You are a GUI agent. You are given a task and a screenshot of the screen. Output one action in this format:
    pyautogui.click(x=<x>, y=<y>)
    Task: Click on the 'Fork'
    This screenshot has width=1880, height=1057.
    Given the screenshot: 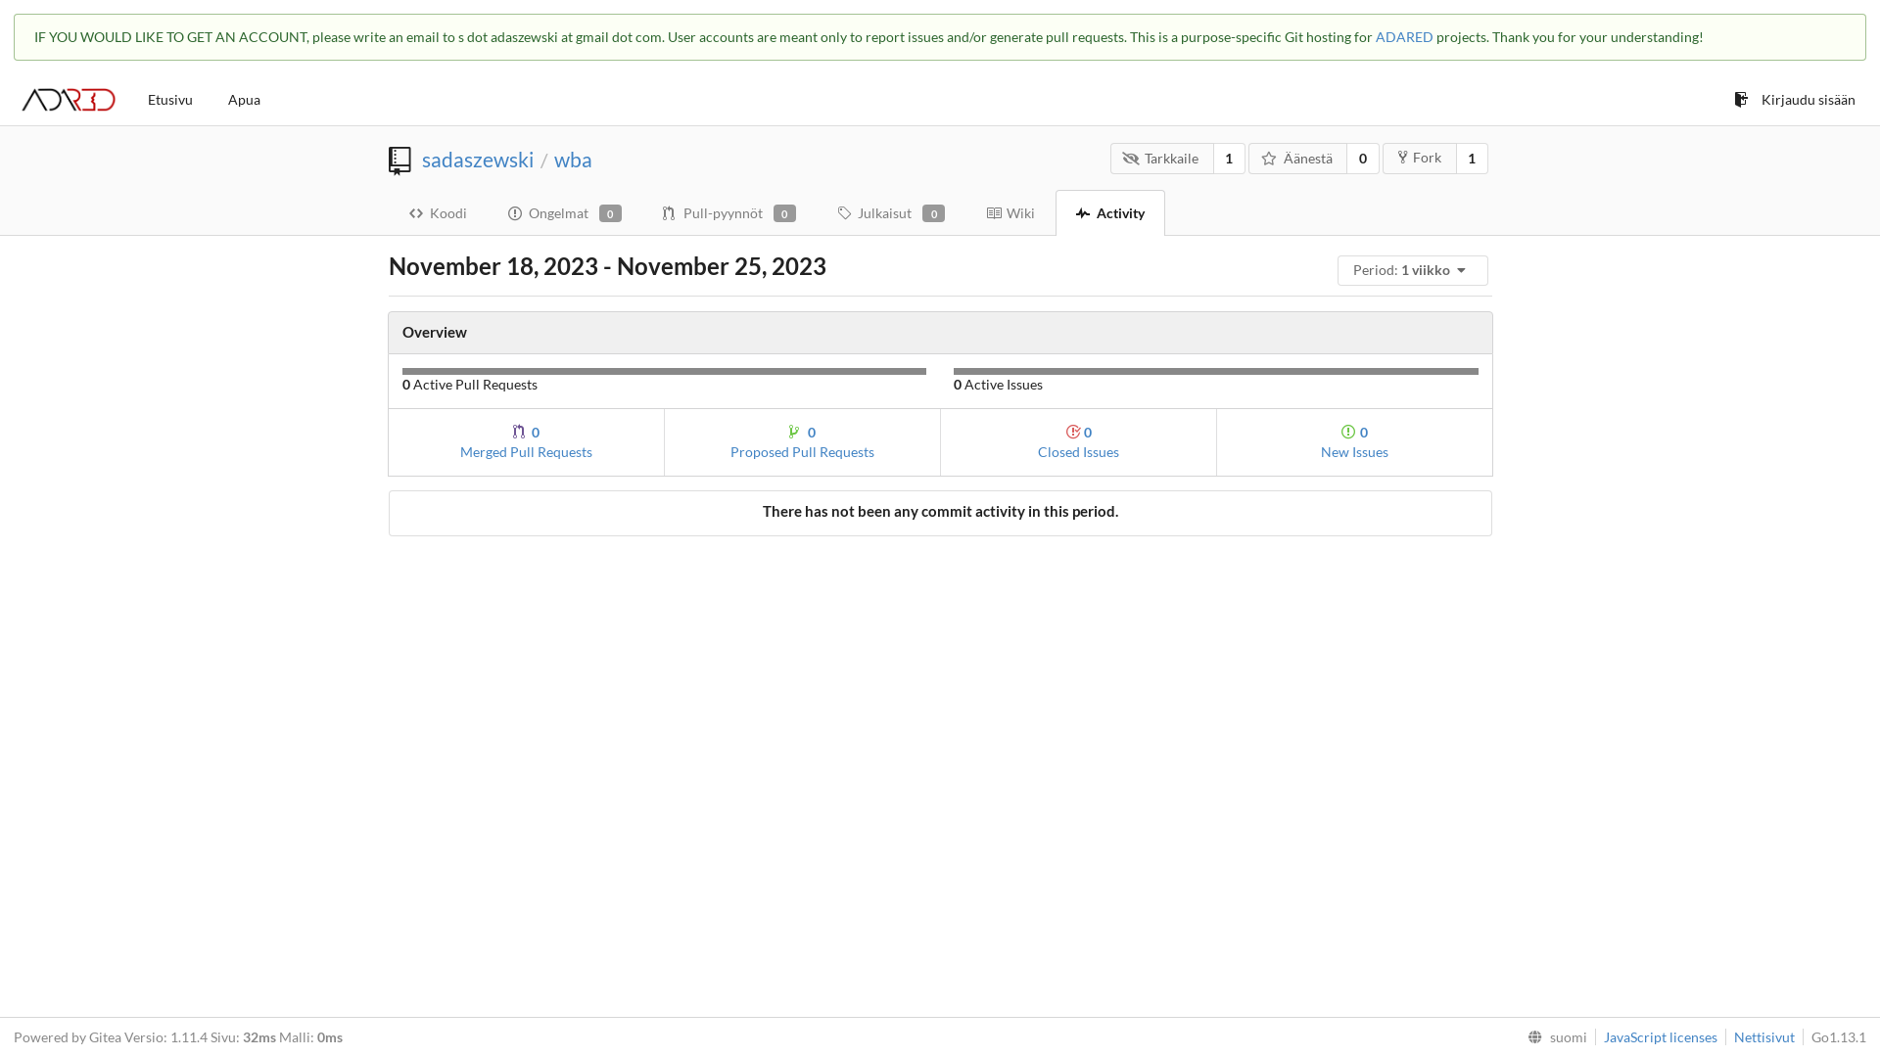 What is the action you would take?
    pyautogui.click(x=1419, y=158)
    